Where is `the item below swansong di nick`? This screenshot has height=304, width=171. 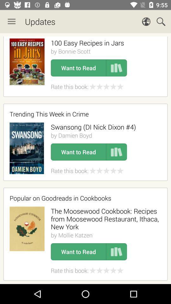
the item below swansong di nick is located at coordinates (71, 135).